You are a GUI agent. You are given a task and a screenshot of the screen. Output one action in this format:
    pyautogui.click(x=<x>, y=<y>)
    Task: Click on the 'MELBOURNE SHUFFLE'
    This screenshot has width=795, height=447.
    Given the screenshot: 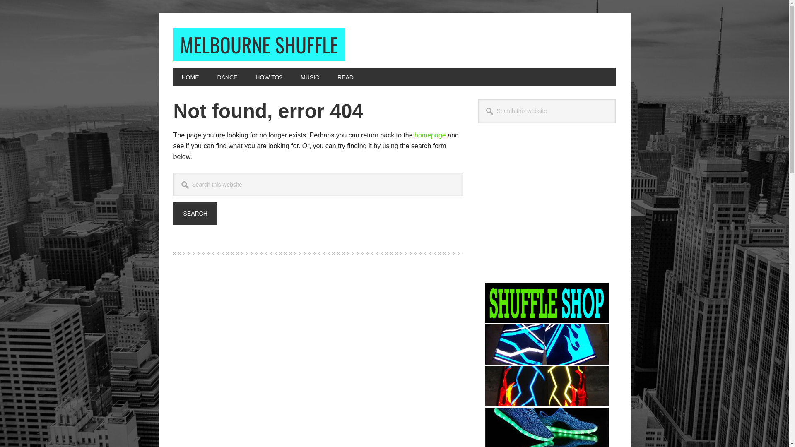 What is the action you would take?
    pyautogui.click(x=258, y=45)
    